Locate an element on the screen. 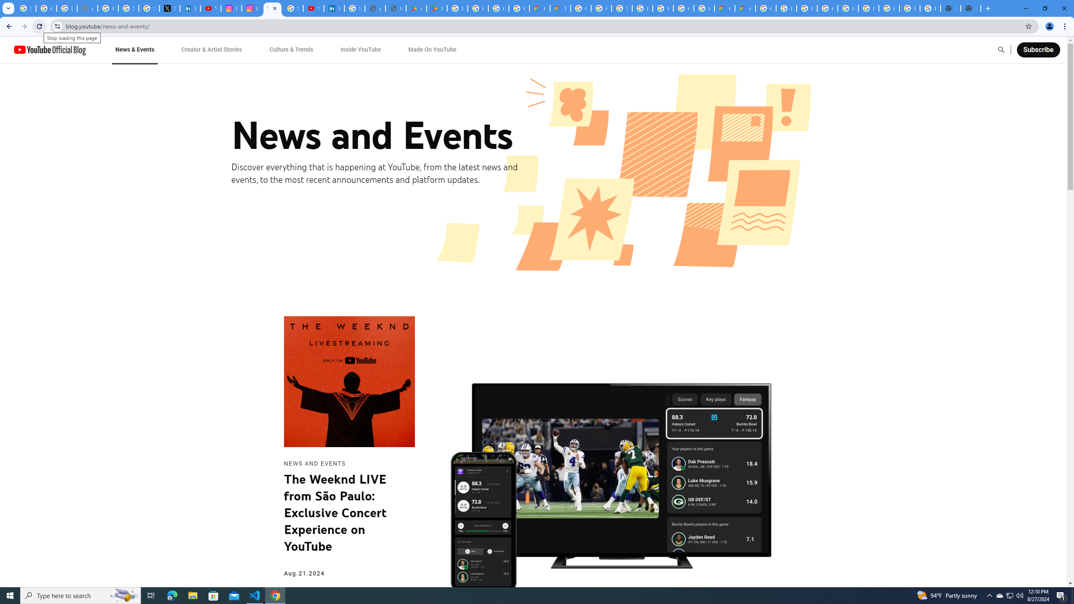 Image resolution: width=1074 pixels, height=604 pixels. 'Google Workspace - Specific Terms' is located at coordinates (498, 8).